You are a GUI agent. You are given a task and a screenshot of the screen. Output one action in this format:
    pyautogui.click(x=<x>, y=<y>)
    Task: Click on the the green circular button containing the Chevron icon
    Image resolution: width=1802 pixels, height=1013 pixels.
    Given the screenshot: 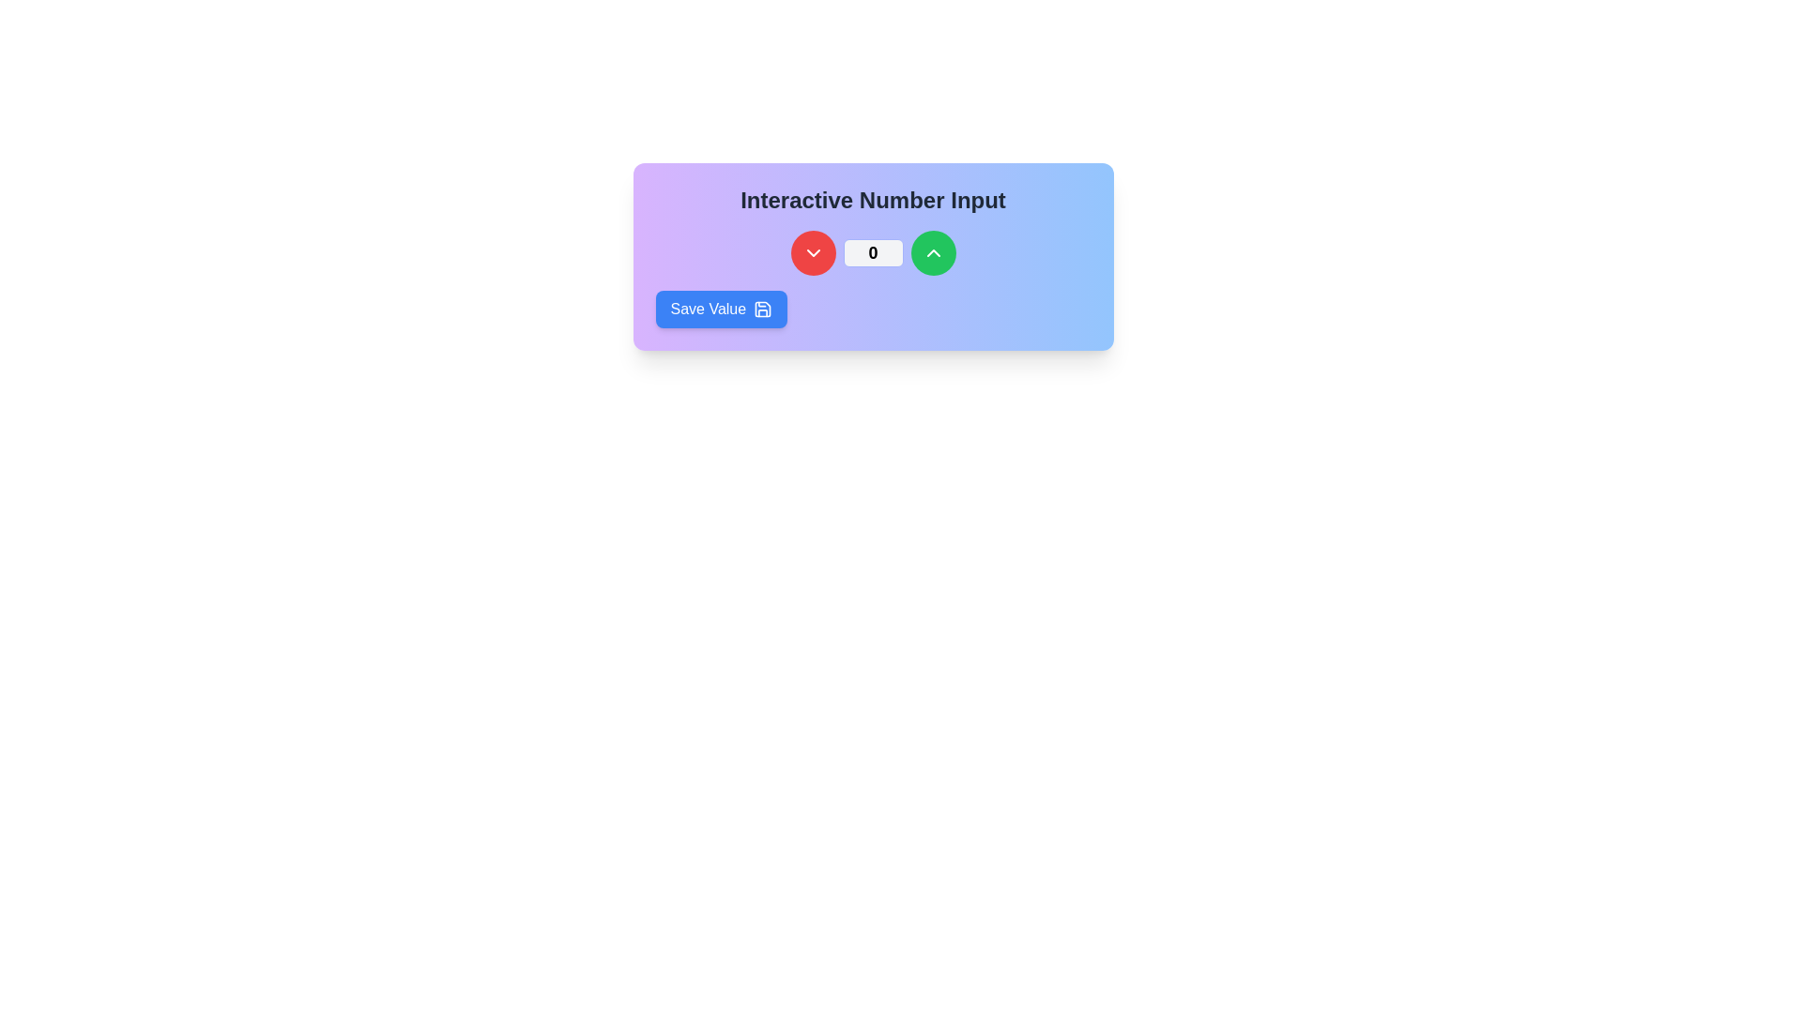 What is the action you would take?
    pyautogui.click(x=933, y=253)
    